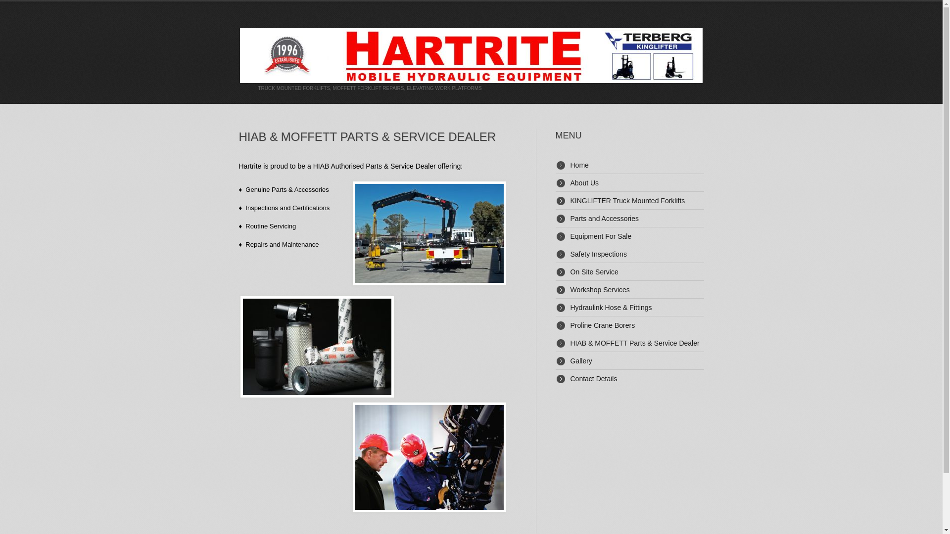  I want to click on 'Workshop Services', so click(599, 289).